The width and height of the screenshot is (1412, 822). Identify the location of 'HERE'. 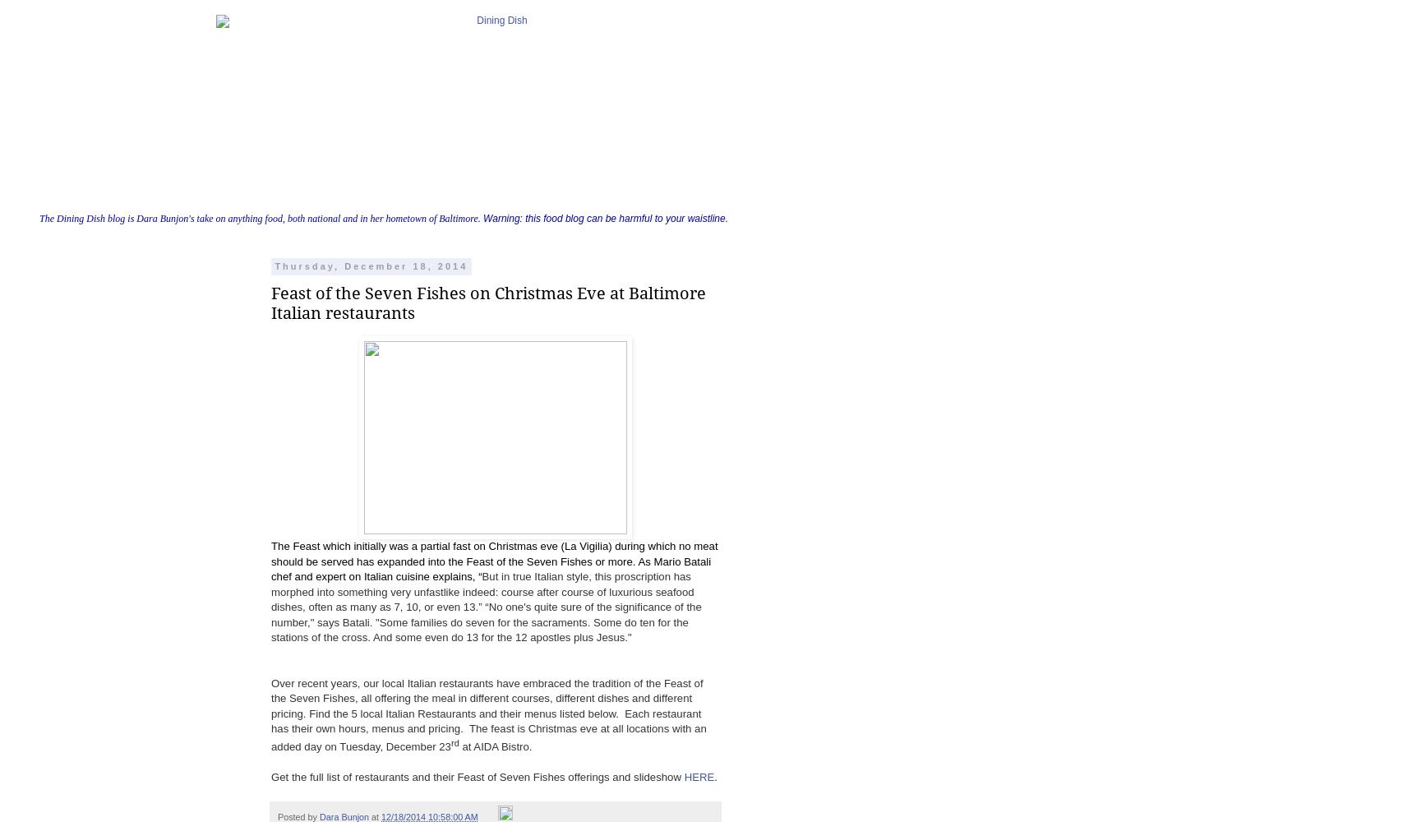
(684, 775).